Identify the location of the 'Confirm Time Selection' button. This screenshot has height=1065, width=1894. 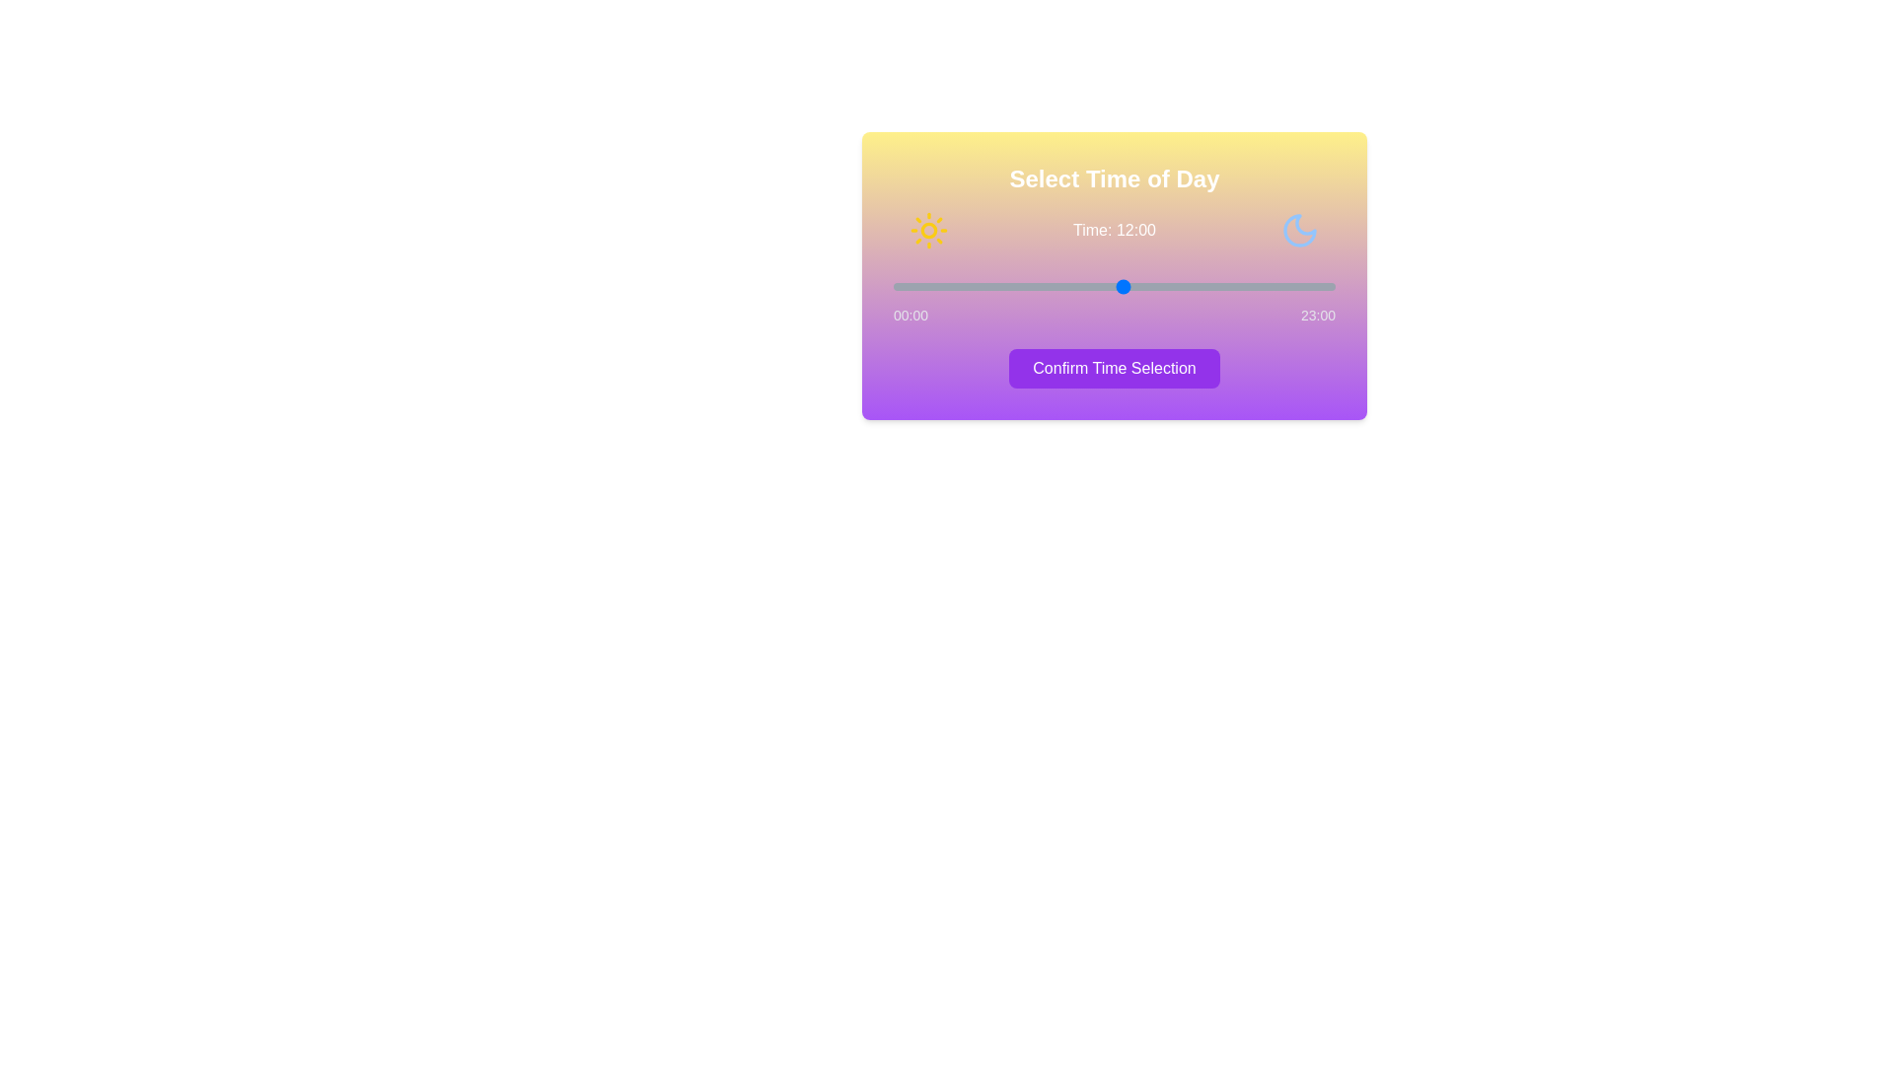
(1114, 369).